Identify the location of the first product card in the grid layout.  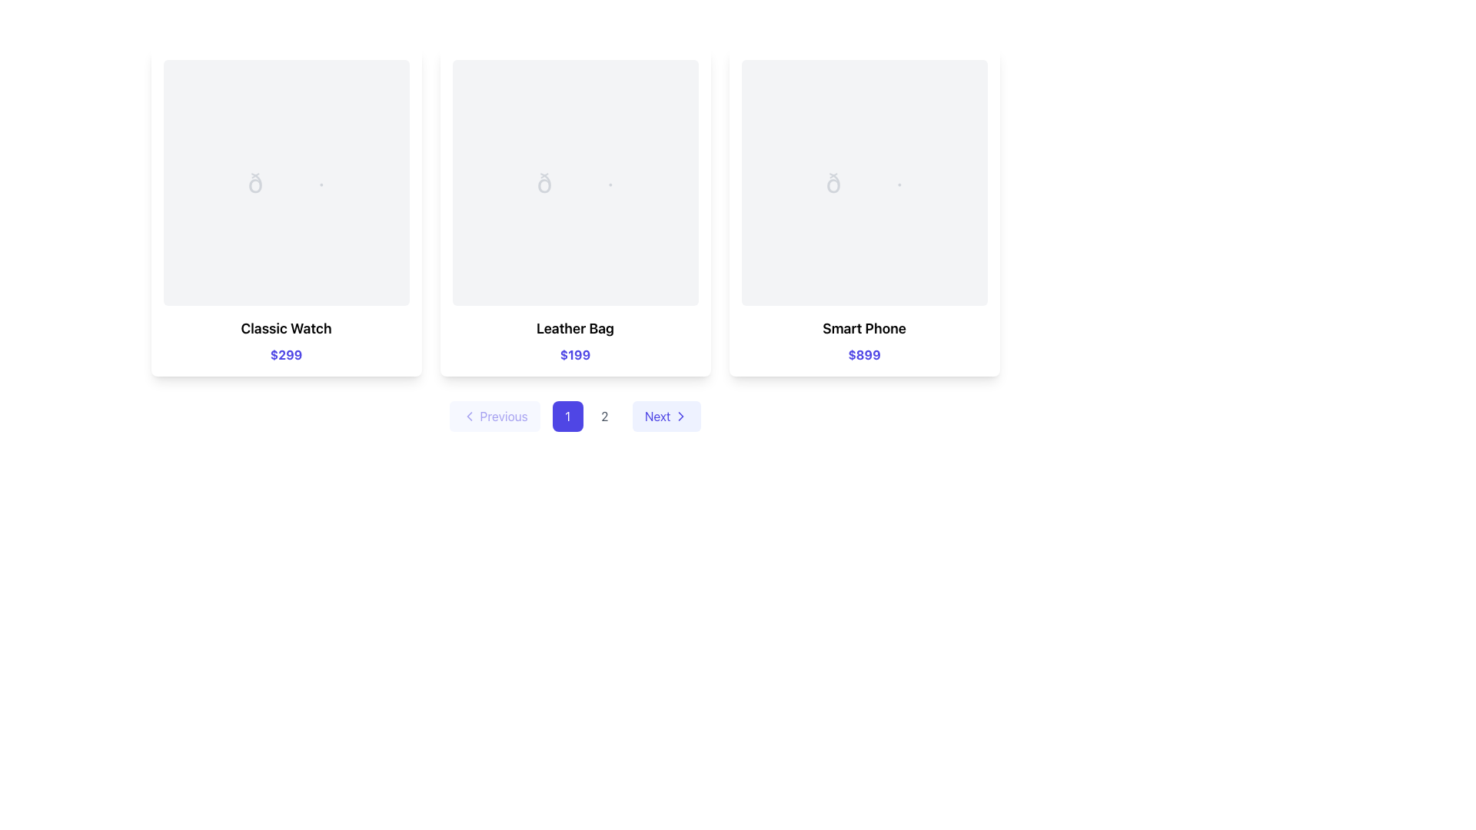
(286, 212).